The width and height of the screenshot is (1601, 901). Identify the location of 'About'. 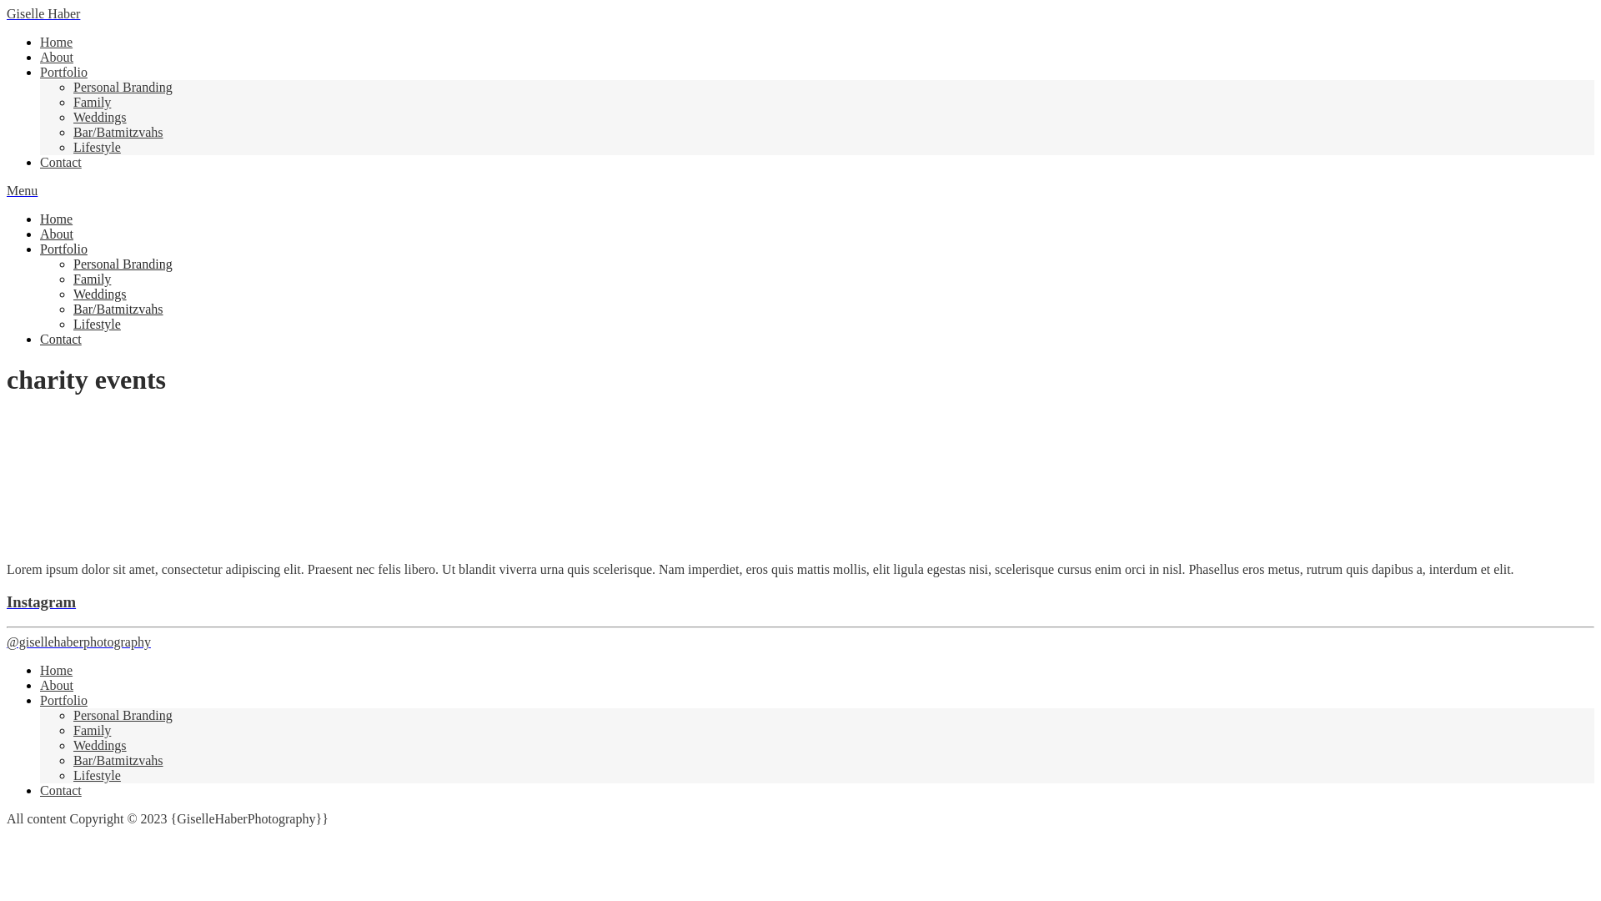
(56, 234).